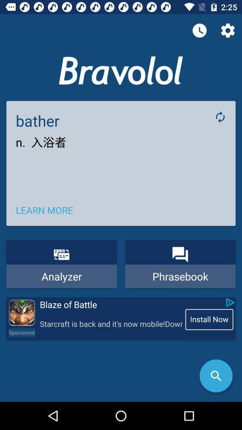 This screenshot has width=242, height=430. What do you see at coordinates (111, 323) in the screenshot?
I see `the icon next to the install now` at bounding box center [111, 323].